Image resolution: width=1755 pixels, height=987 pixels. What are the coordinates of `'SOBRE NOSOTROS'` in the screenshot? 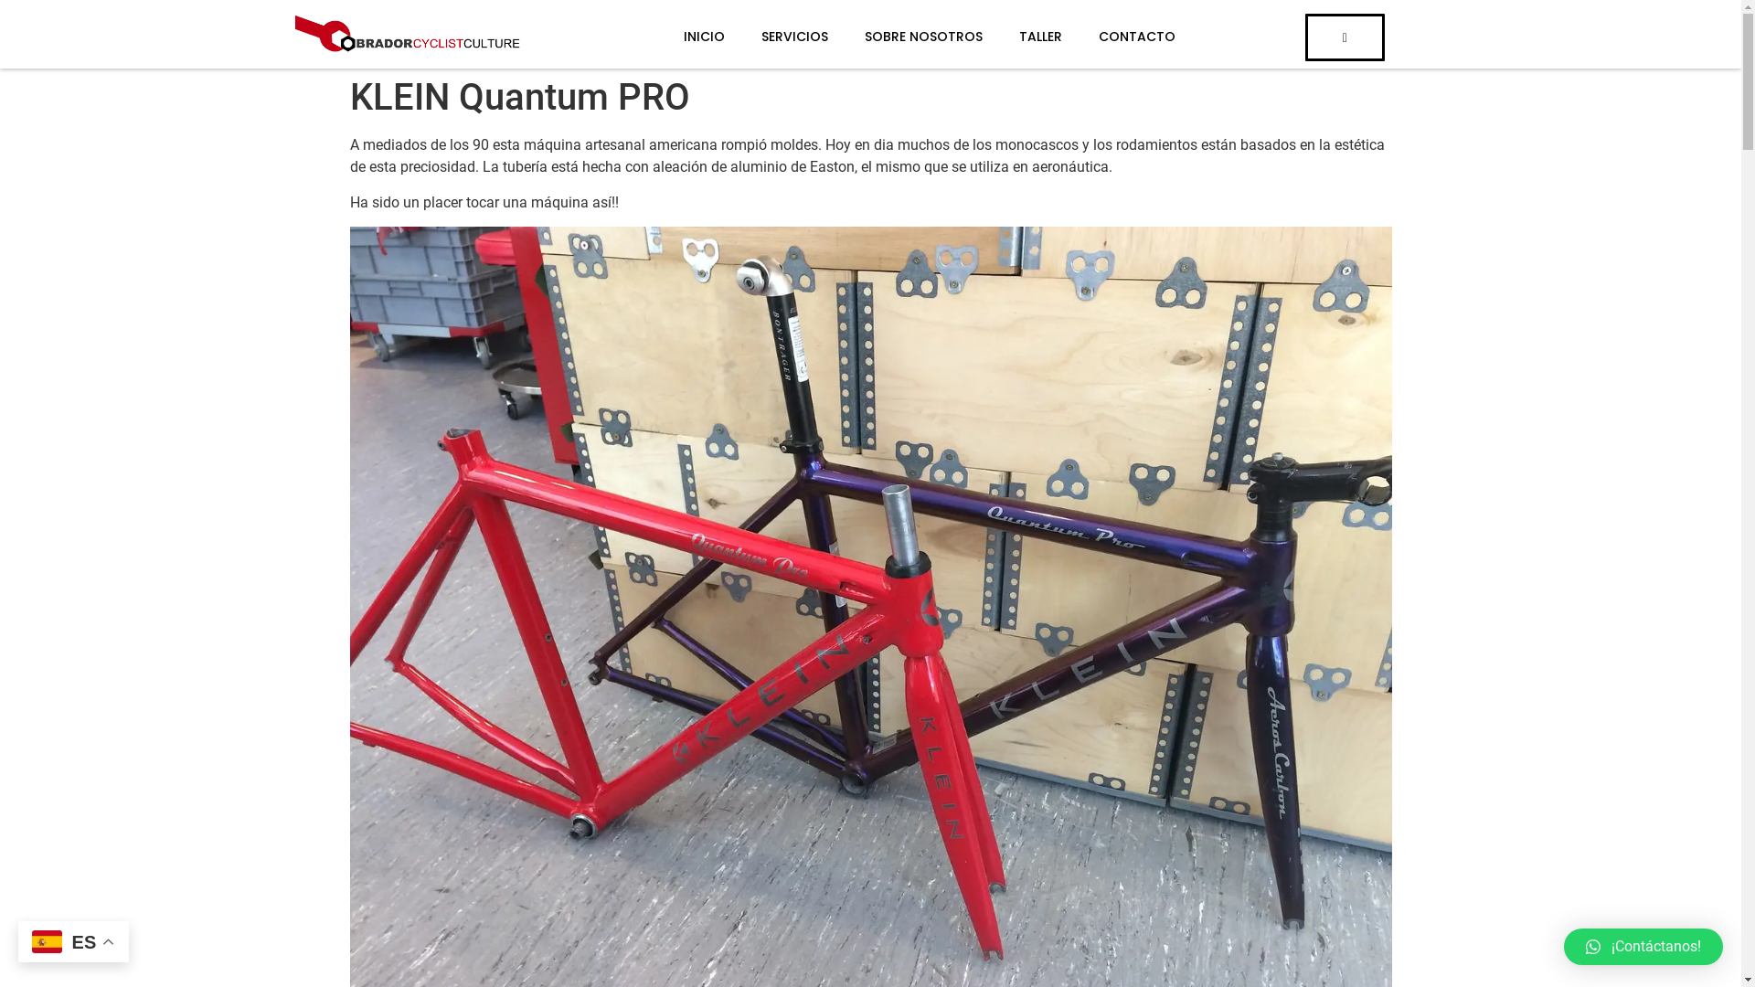 It's located at (905, 37).